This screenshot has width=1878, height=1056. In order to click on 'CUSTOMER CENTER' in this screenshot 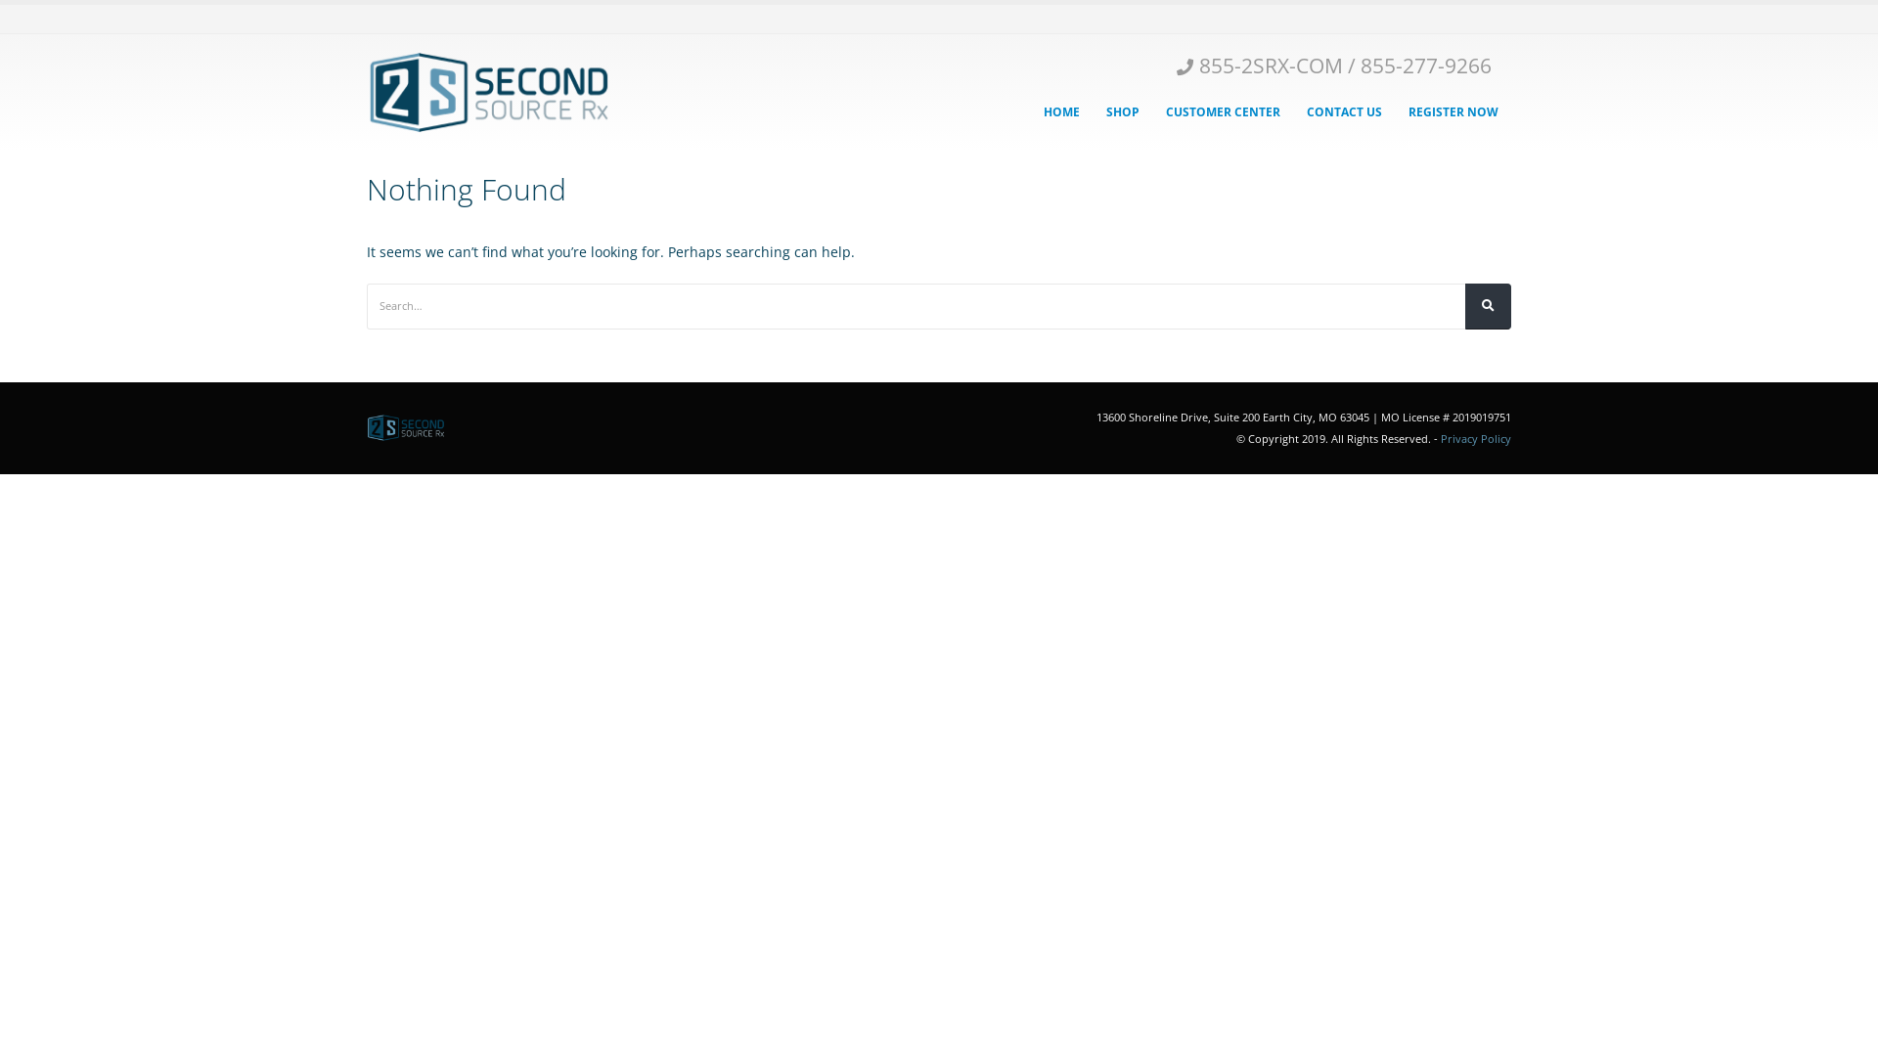, I will do `click(1222, 111)`.